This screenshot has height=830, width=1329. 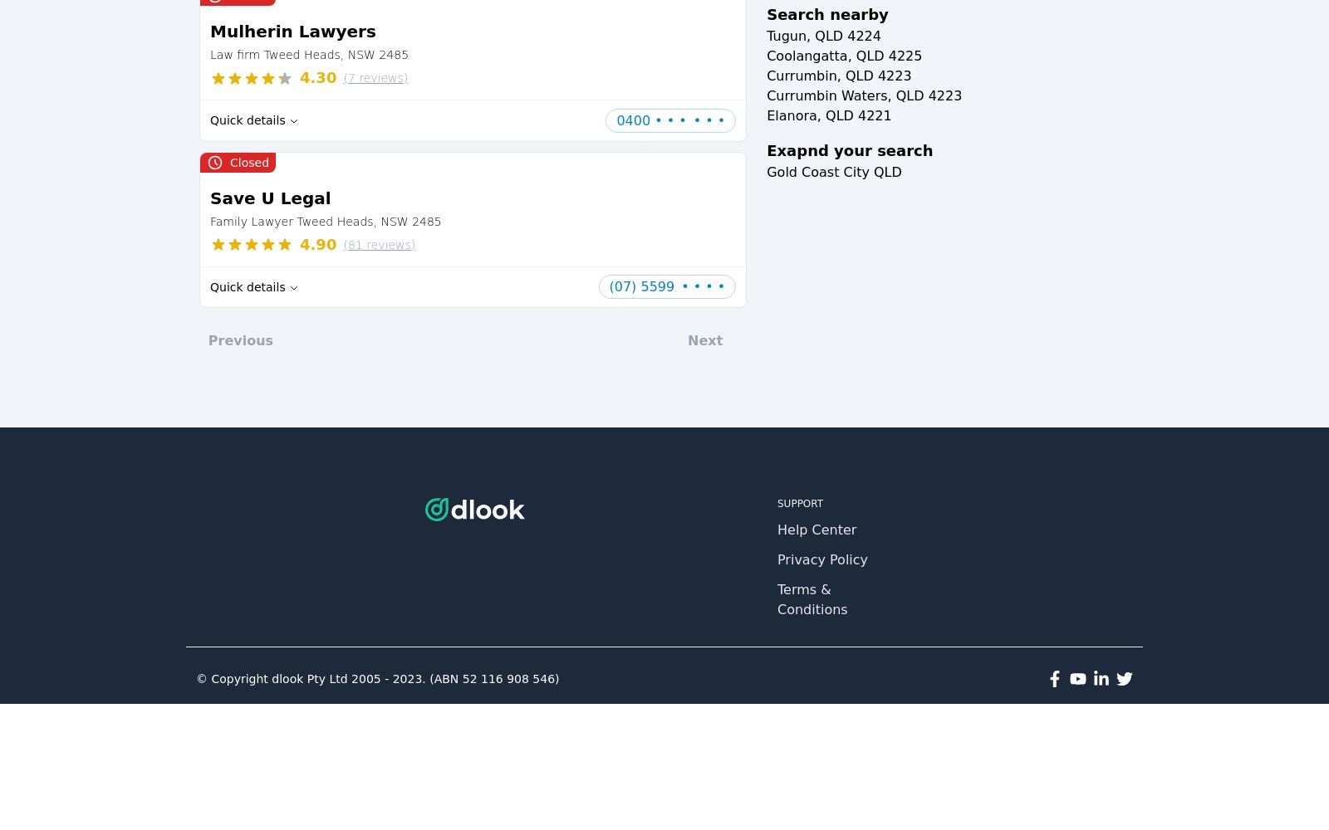 I want to click on '81', so click(x=354, y=244).